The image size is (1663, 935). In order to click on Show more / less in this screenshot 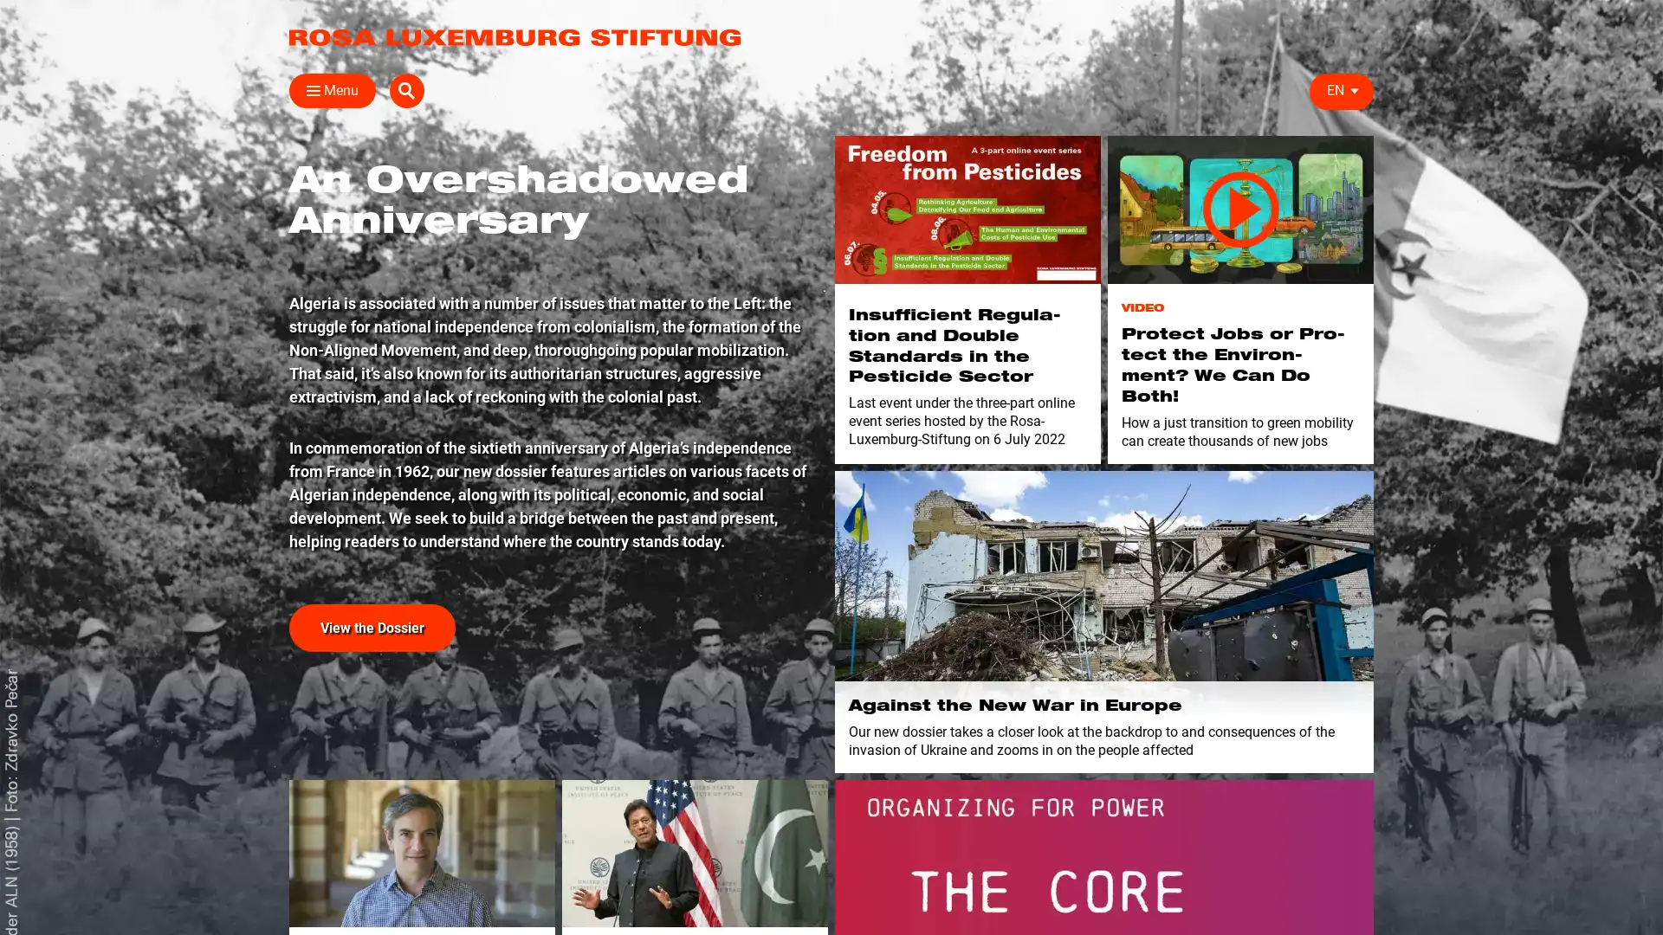, I will do `click(281, 260)`.